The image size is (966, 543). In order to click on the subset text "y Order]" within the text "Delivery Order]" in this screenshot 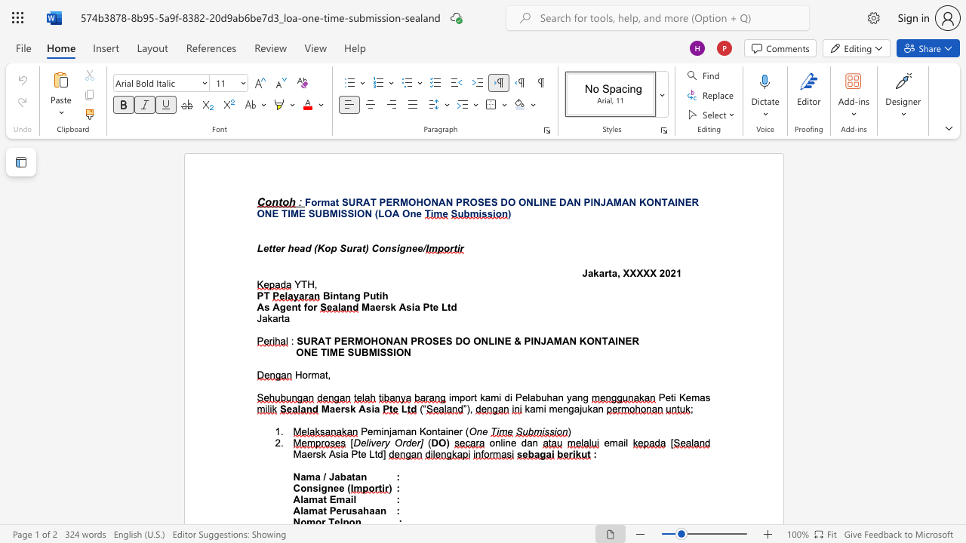, I will do `click(384, 442)`.